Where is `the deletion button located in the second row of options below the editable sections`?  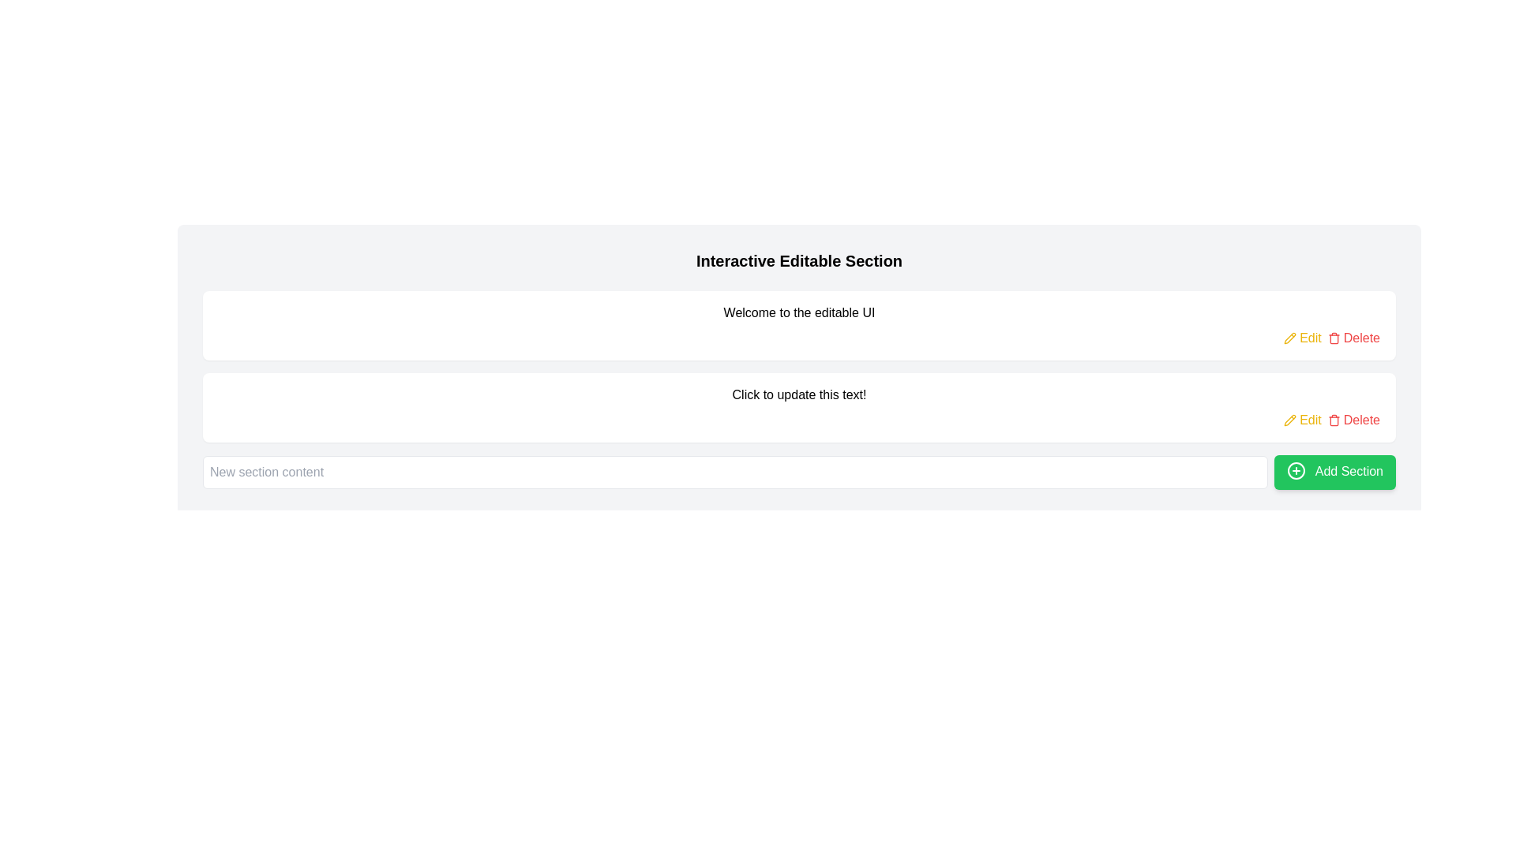 the deletion button located in the second row of options below the editable sections is located at coordinates (1353, 419).